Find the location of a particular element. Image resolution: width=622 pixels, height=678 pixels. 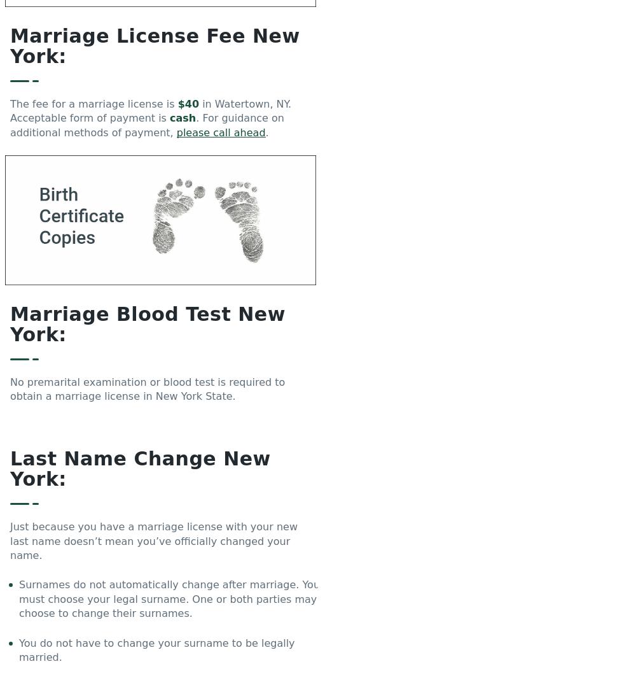

'Marriage License Fee New York:' is located at coordinates (10, 45).